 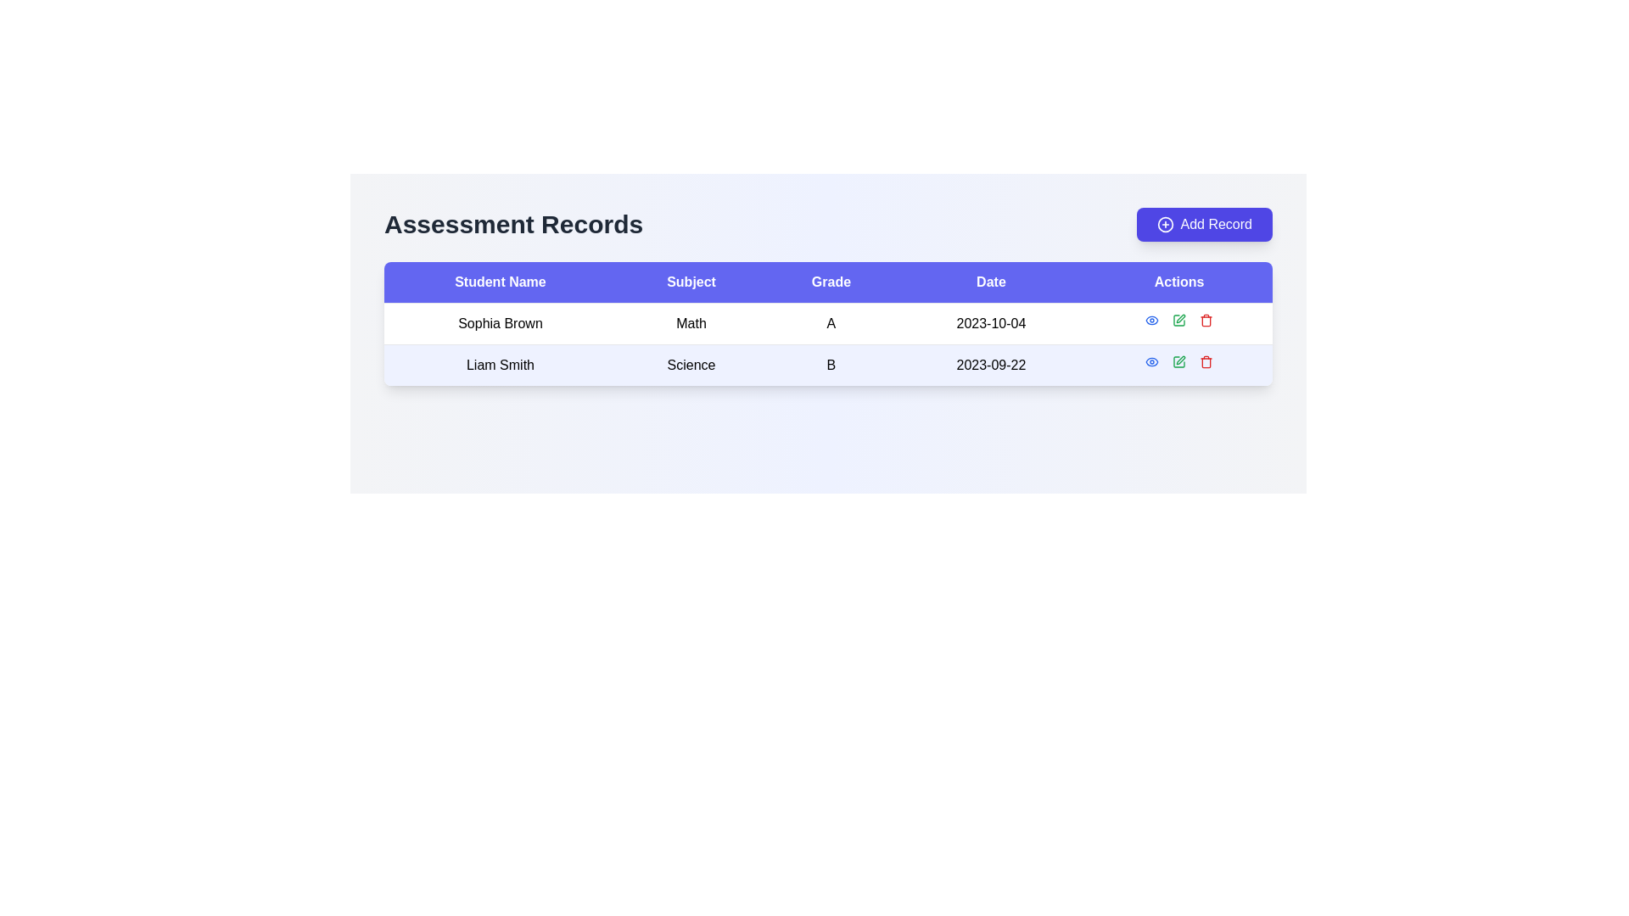 What do you see at coordinates (1164, 224) in the screenshot?
I see `the icon that indicates the action of adding a new record, located to the right of the 'Add Record' button` at bounding box center [1164, 224].